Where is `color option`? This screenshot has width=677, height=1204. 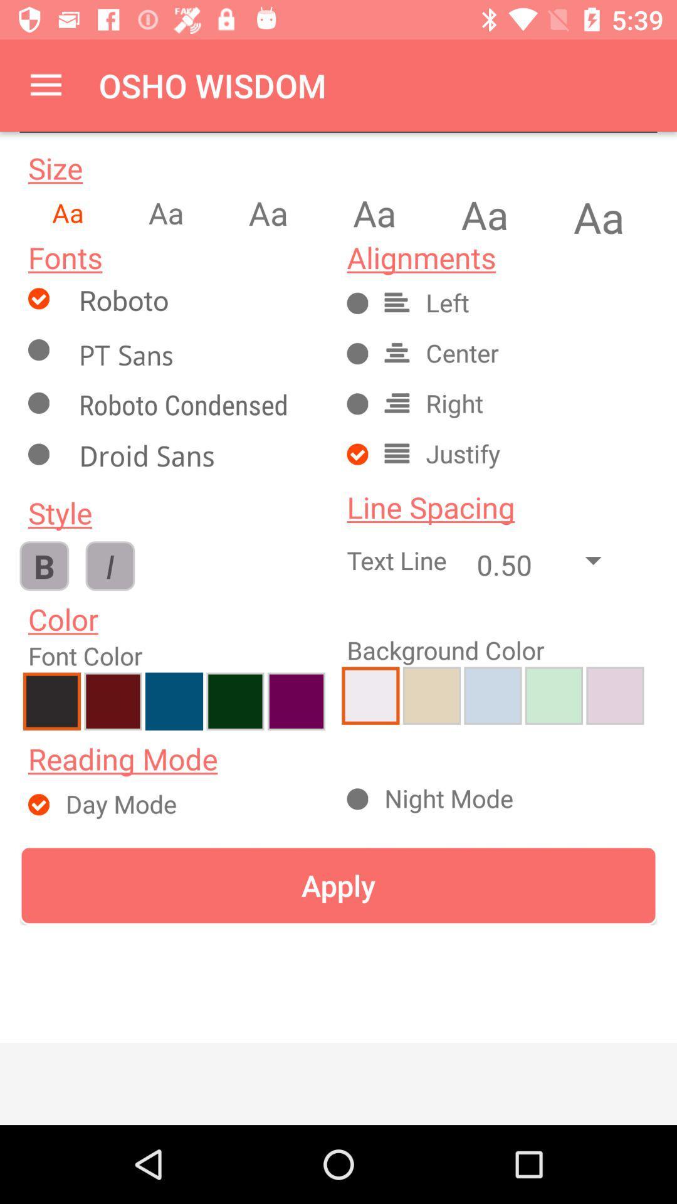 color option is located at coordinates (296, 700).